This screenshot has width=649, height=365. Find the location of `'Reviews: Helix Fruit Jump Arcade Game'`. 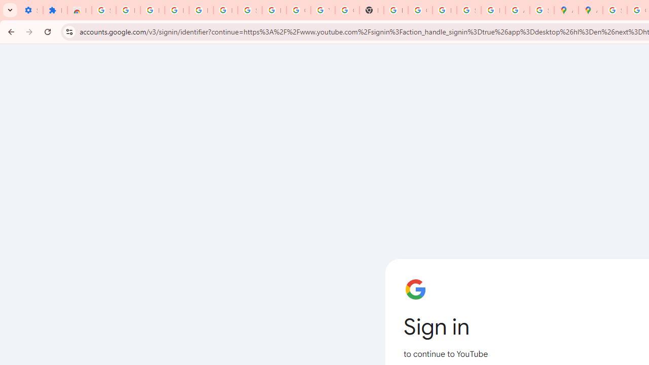

'Reviews: Helix Fruit Jump Arcade Game' is located at coordinates (79, 10).